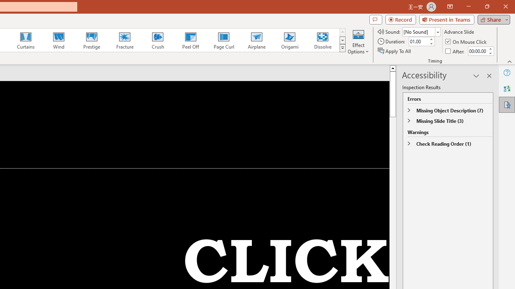 This screenshot has width=515, height=289. I want to click on 'Crush', so click(157, 40).